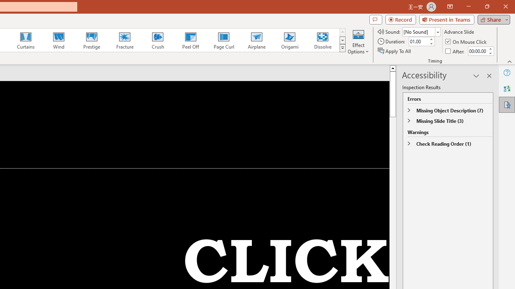 This screenshot has width=515, height=289. I want to click on 'Crush', so click(157, 40).